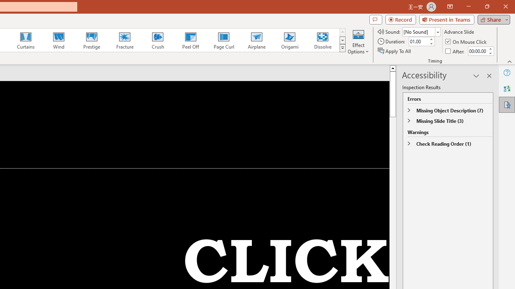 This screenshot has width=515, height=289. I want to click on 'Crush', so click(157, 40).